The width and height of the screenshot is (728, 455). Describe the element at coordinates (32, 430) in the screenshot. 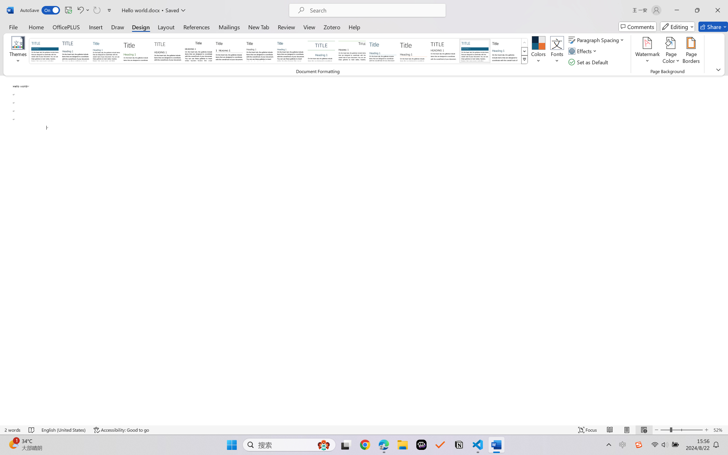

I see `'Spelling and Grammar Check No Errors'` at that location.